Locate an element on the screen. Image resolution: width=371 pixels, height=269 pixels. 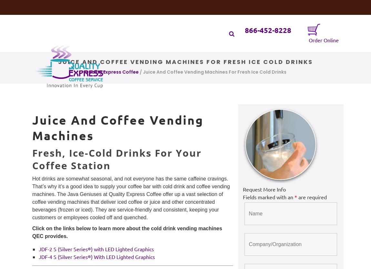
'Water & Ice Service' is located at coordinates (172, 22).